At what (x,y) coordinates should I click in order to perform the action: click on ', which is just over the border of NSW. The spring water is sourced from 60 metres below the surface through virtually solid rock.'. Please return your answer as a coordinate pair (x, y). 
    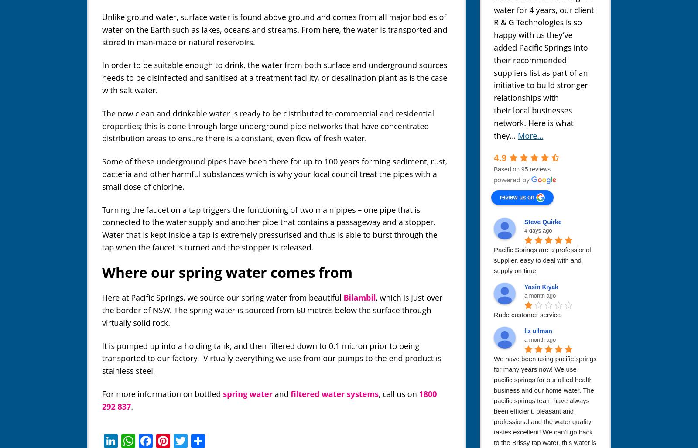
    Looking at the image, I should click on (272, 310).